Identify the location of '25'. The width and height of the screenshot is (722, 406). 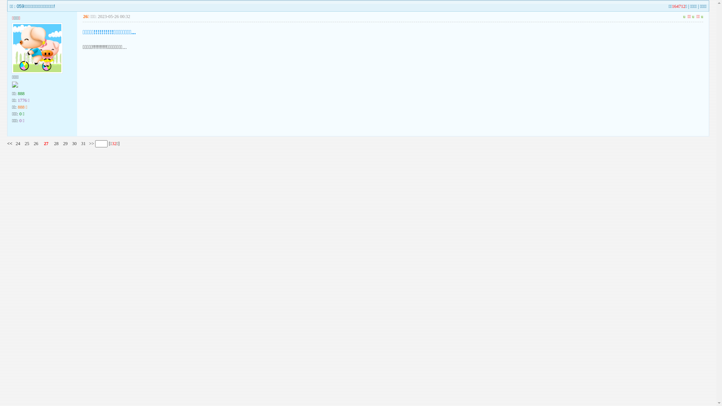
(27, 143).